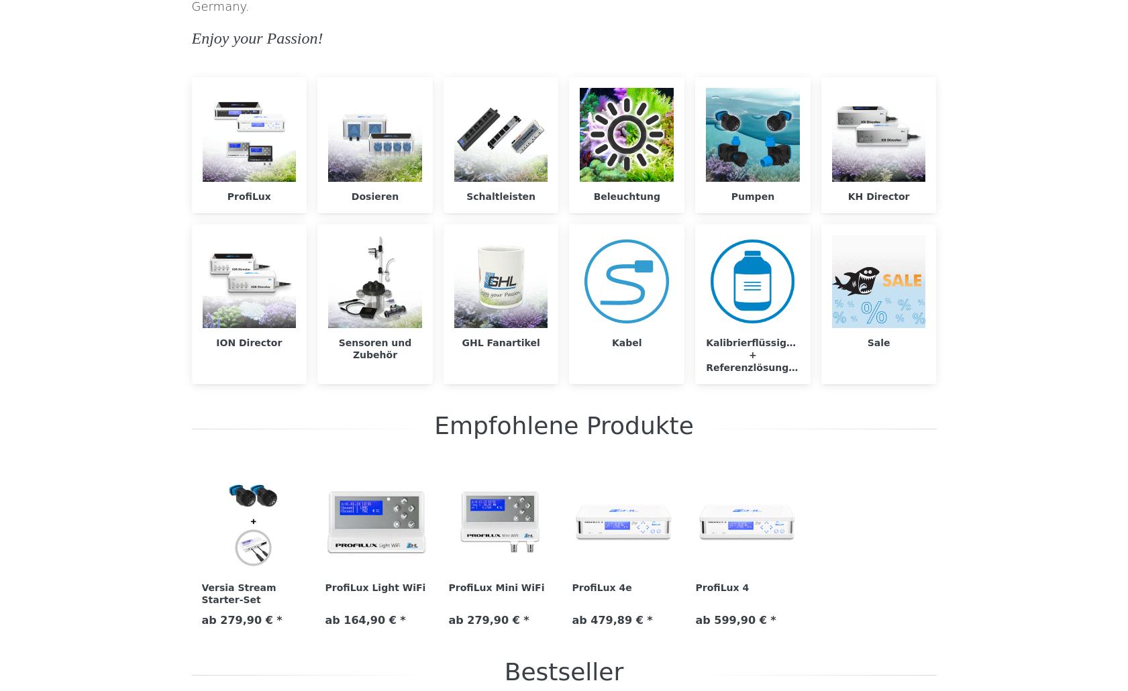 The width and height of the screenshot is (1128, 691). Describe the element at coordinates (503, 670) in the screenshot. I see `'Bestseller'` at that location.